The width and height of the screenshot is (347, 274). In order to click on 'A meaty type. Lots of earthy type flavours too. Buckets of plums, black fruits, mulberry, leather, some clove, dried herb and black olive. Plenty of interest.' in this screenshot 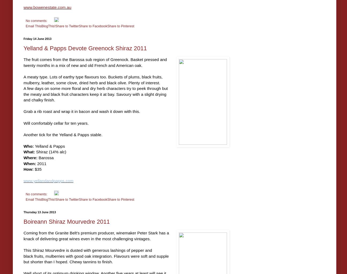, I will do `click(93, 79)`.